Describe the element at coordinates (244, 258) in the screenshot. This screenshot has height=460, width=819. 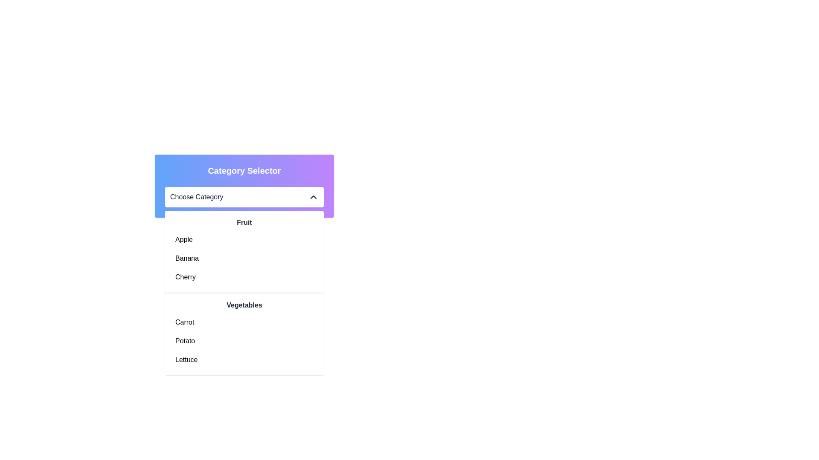
I see `the second item in the selection menu representing 'Banana' under the 'Fruit' category` at that location.